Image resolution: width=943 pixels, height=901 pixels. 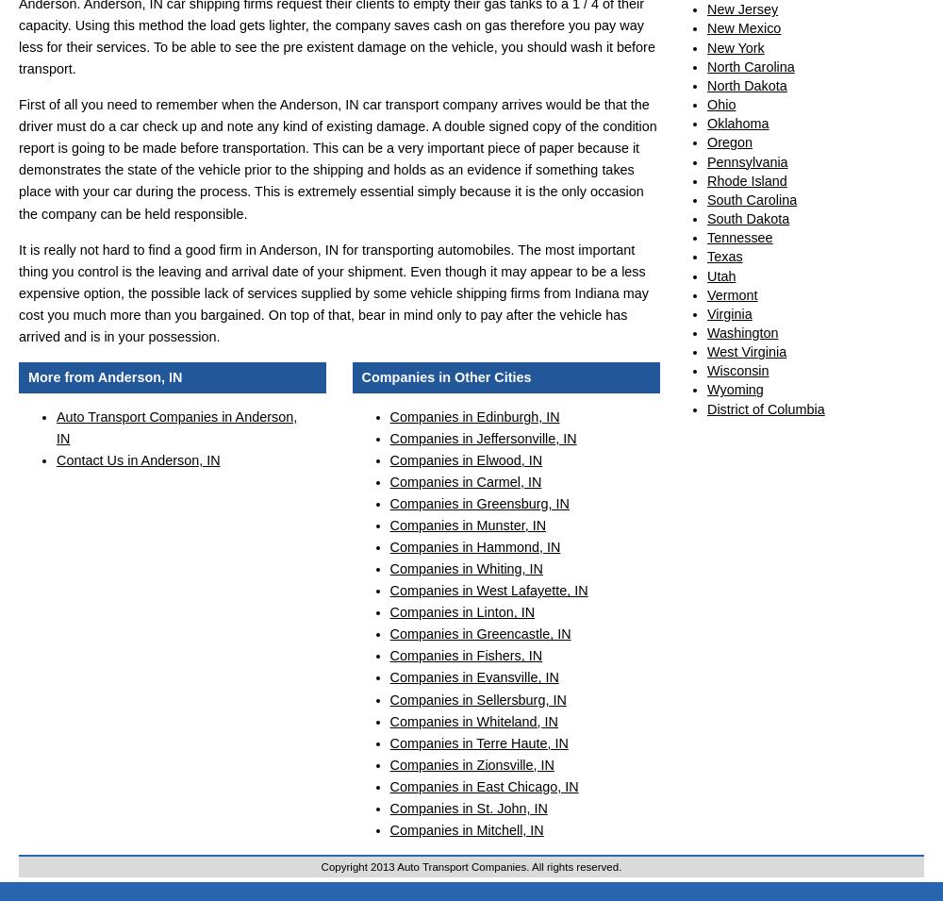 I want to click on 'Oregon', so click(x=730, y=141).